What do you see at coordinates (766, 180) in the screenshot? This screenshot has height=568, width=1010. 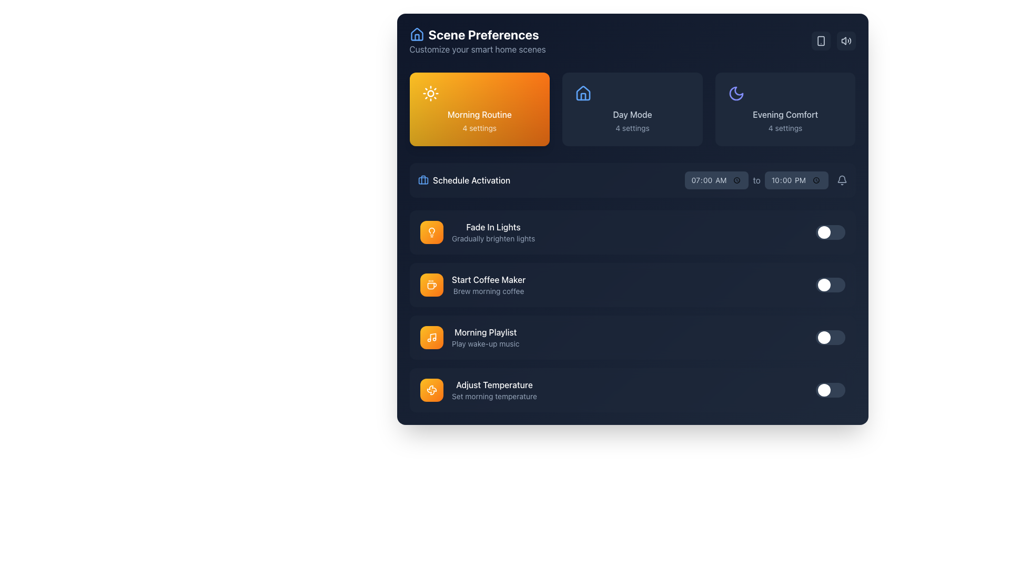 I see `the static text element displaying the word 'to' located between two time interval boxes in the 'Schedule Activation' section` at bounding box center [766, 180].